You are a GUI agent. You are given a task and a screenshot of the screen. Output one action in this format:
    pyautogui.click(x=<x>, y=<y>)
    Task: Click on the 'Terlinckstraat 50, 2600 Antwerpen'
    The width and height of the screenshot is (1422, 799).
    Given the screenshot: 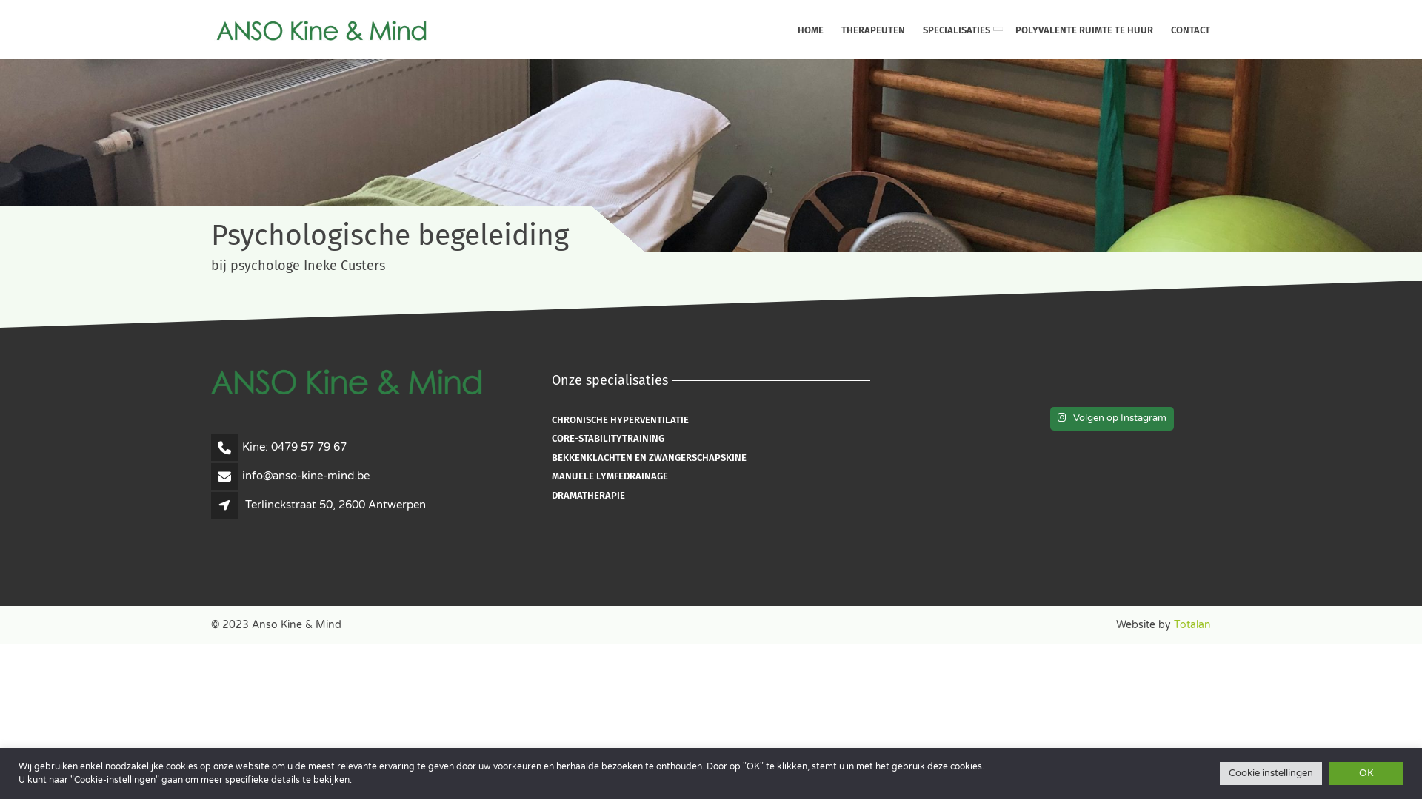 What is the action you would take?
    pyautogui.click(x=334, y=504)
    